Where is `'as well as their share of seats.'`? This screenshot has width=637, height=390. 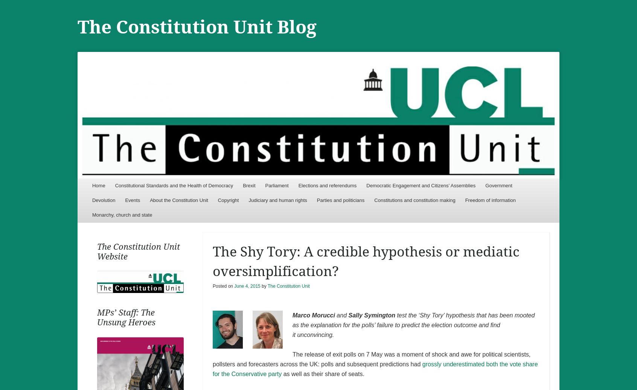
'as well as their share of seats.' is located at coordinates (281, 373).